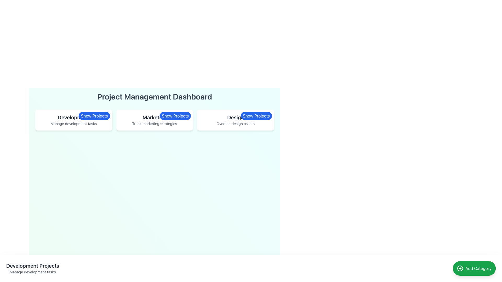  Describe the element at coordinates (73, 120) in the screenshot. I see `the Card component titled 'Development' which has a subtitle 'Manage development tasks' and a button 'Show Projects' at the top-right corner` at that location.